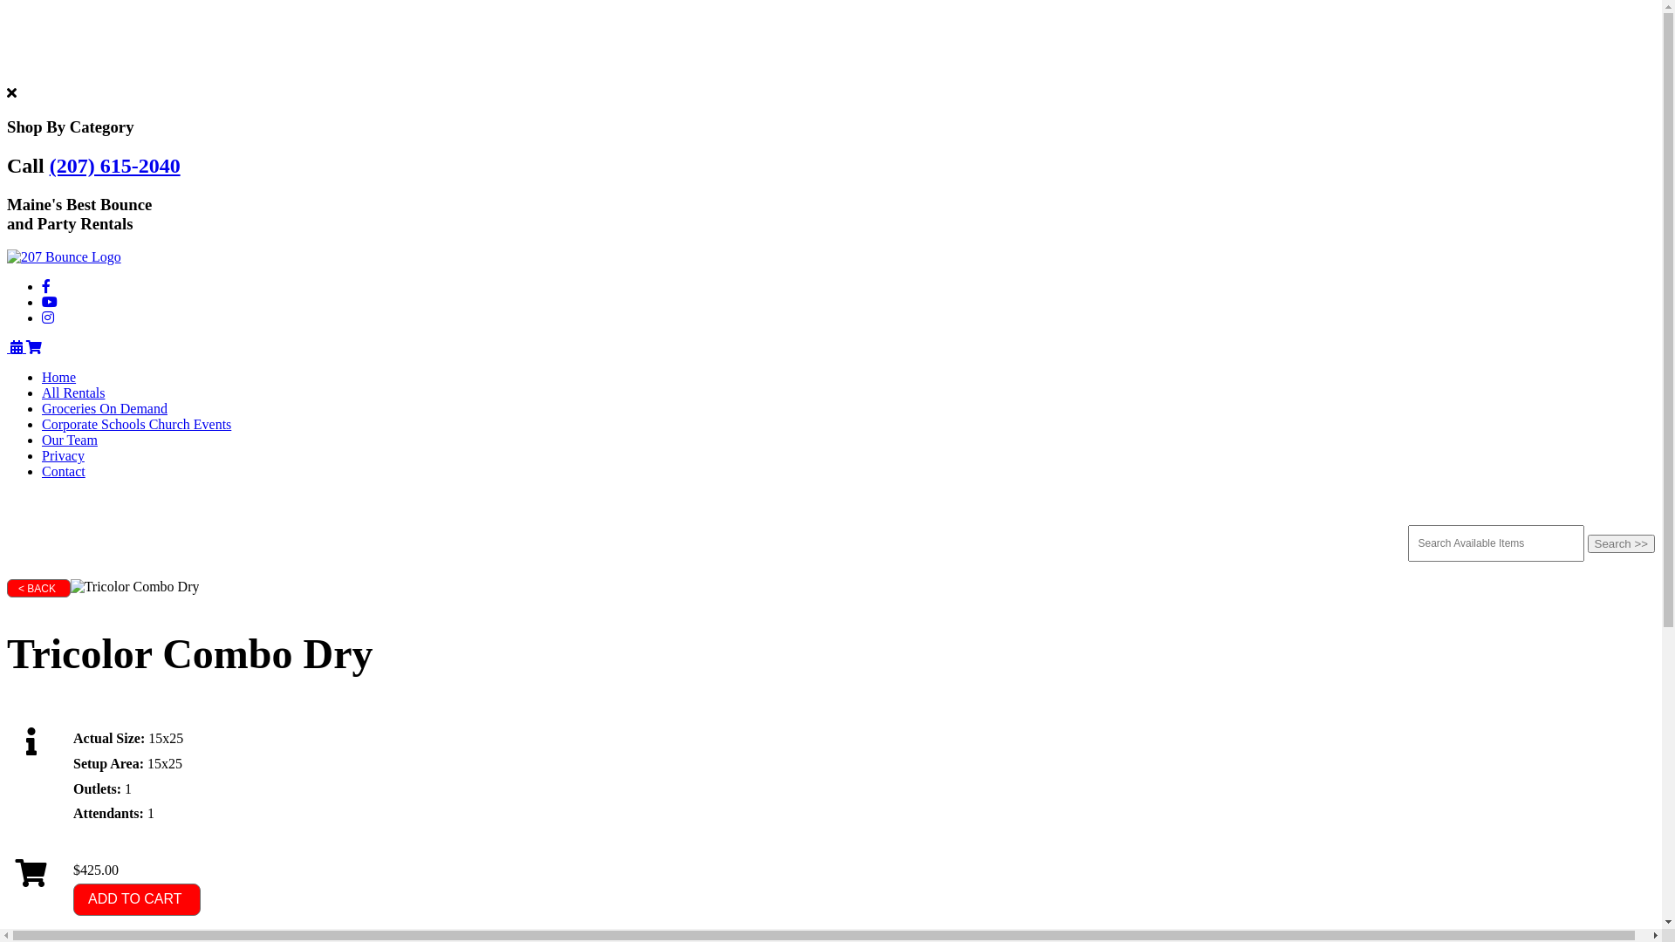 The height and width of the screenshot is (942, 1675). What do you see at coordinates (72, 392) in the screenshot?
I see `'All Rentals'` at bounding box center [72, 392].